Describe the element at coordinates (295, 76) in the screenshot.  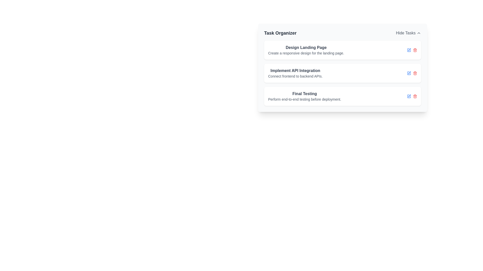
I see `the static text element that provides context for the task, located directly below the title 'Implement API Integration' in the second task block of the task organizer interface` at that location.